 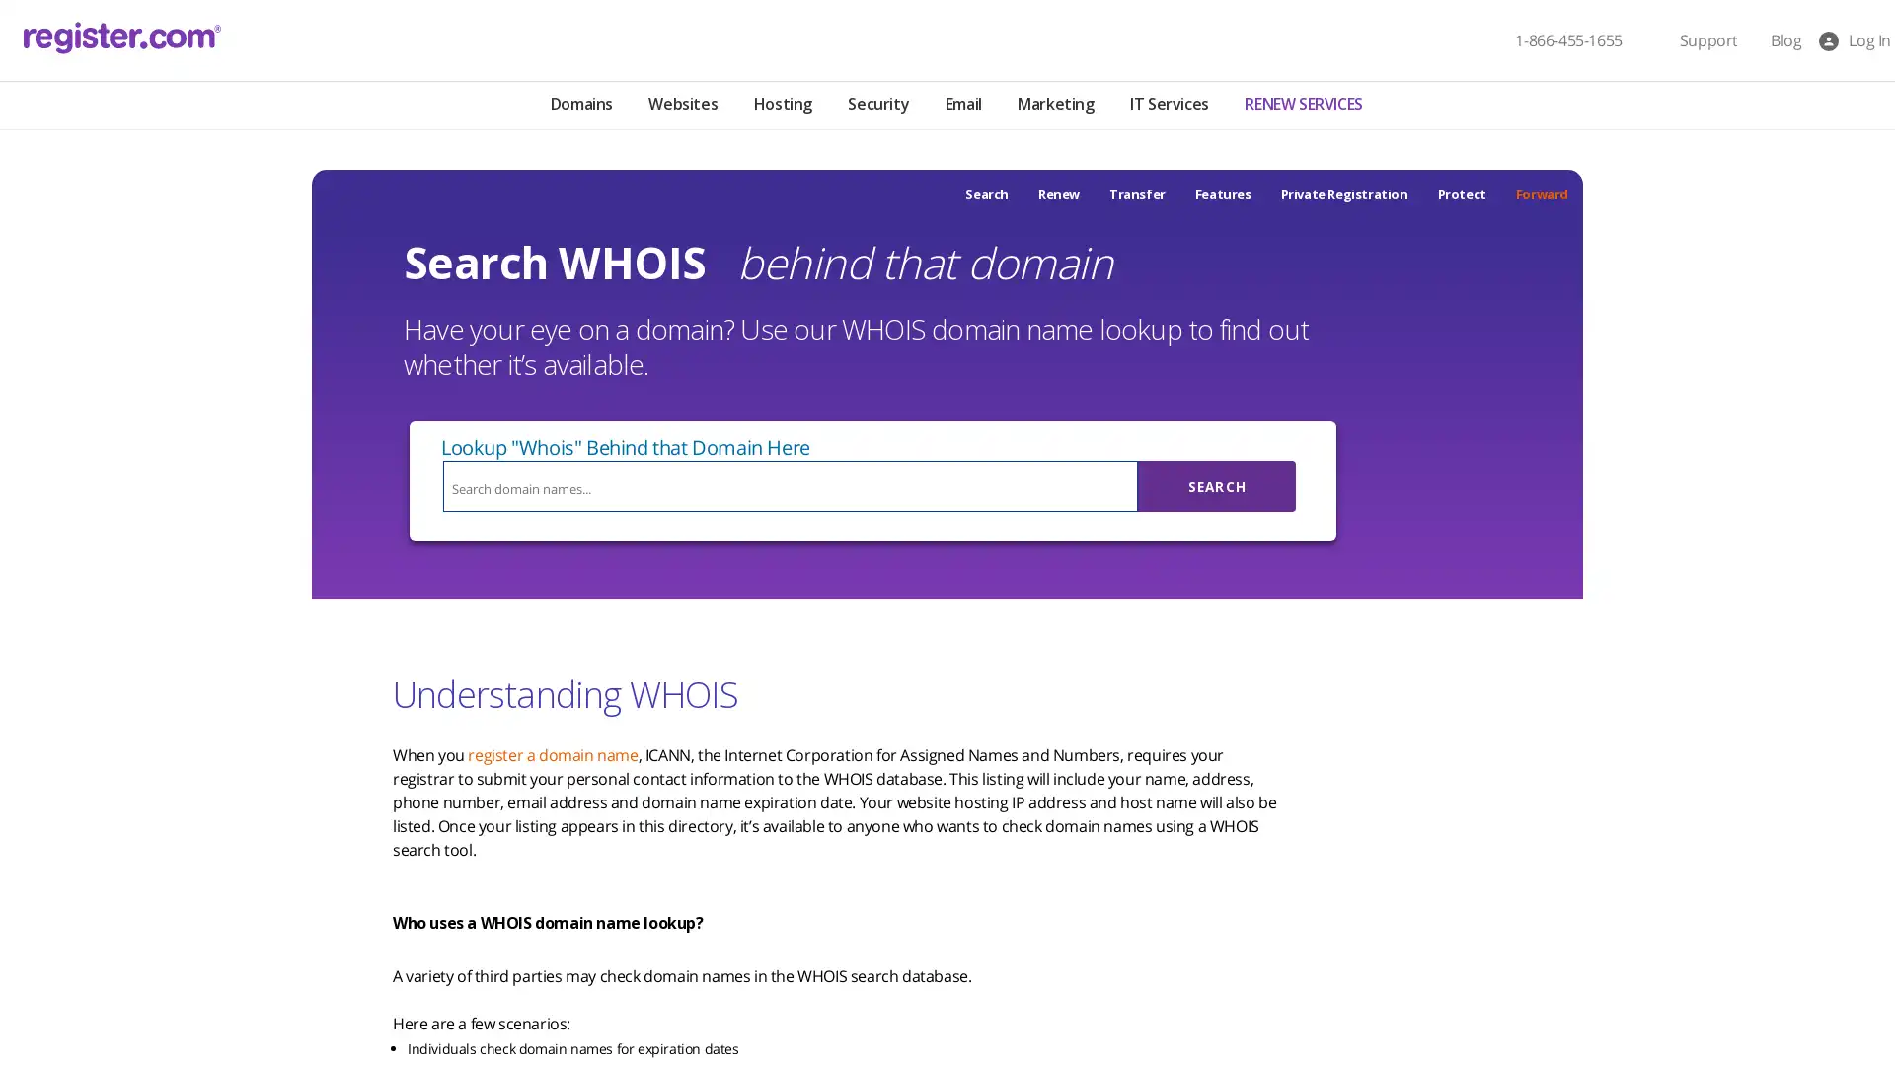 I want to click on Explore your accessibility options, so click(x=32, y=965).